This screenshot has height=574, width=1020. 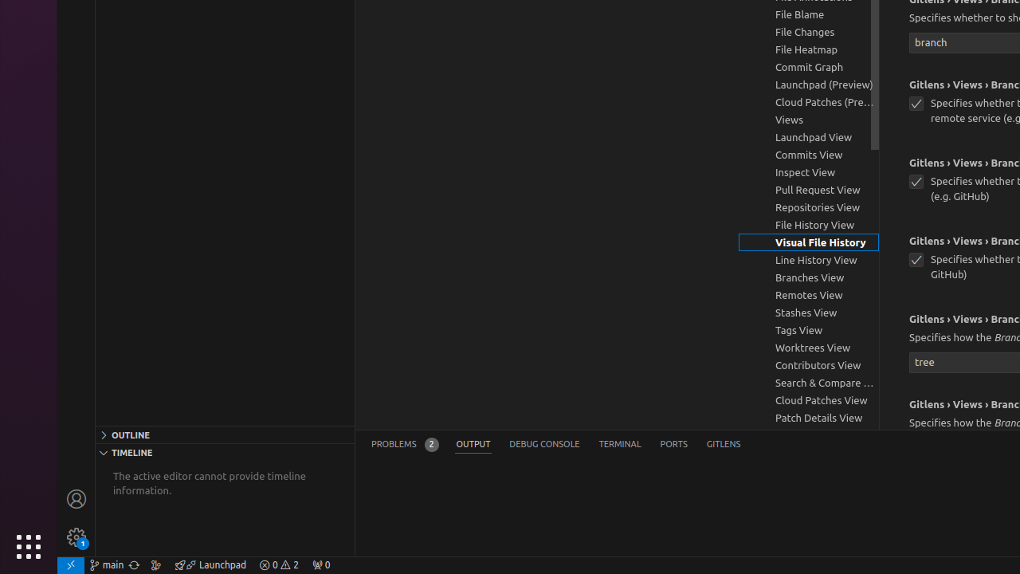 I want to click on 'Ports', so click(x=673, y=444).